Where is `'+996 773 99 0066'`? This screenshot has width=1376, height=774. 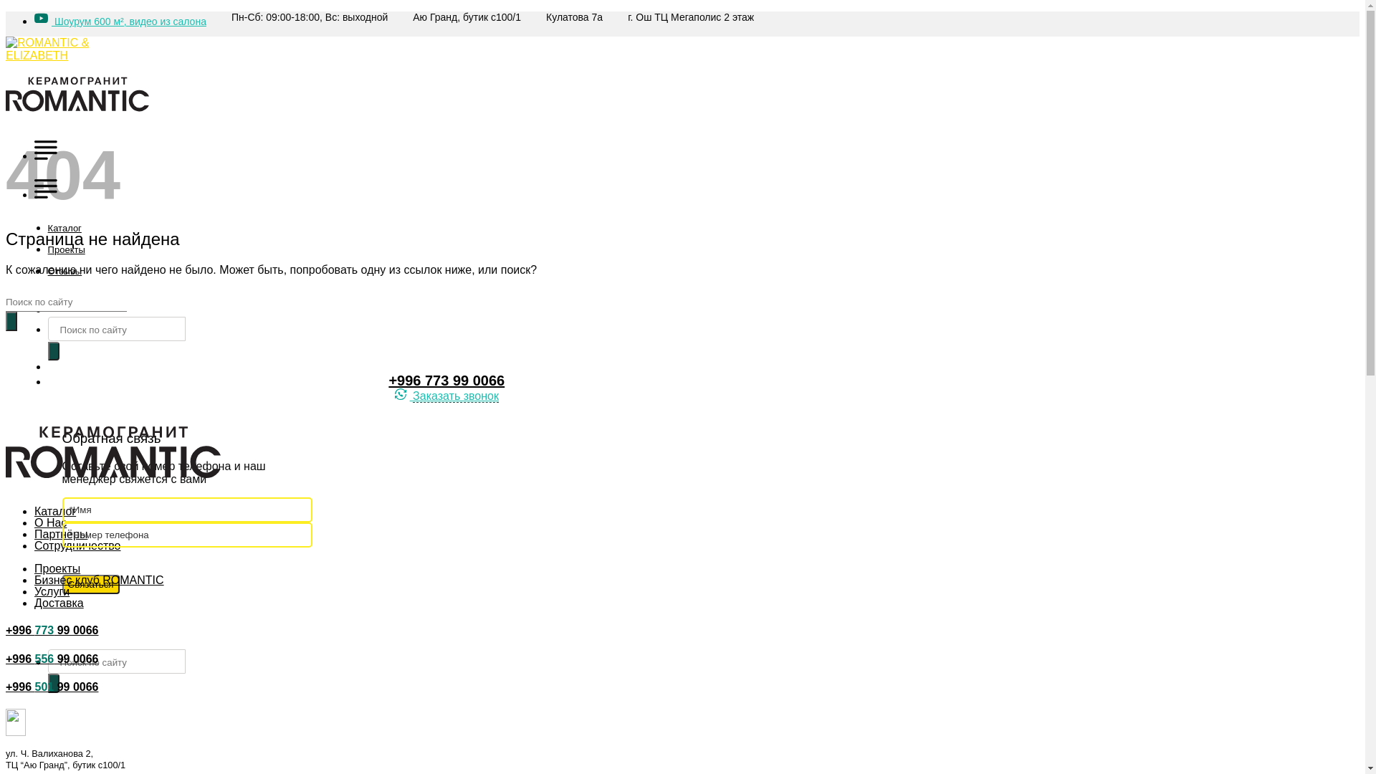
'+996 773 99 0066' is located at coordinates (52, 629).